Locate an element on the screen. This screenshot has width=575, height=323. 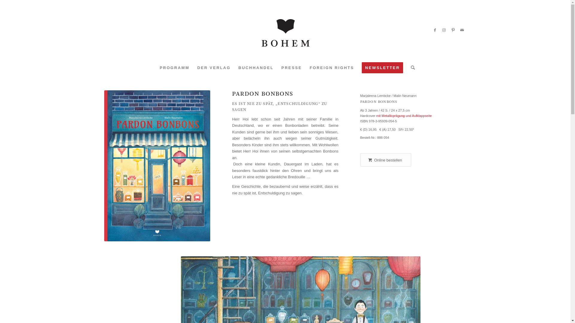
'Mail' is located at coordinates (457, 30).